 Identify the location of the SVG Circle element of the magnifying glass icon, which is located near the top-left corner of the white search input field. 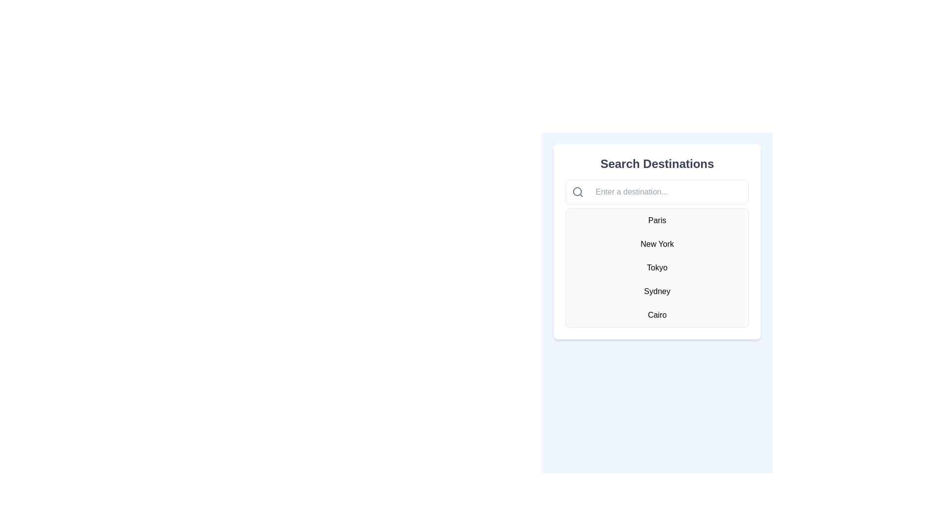
(577, 192).